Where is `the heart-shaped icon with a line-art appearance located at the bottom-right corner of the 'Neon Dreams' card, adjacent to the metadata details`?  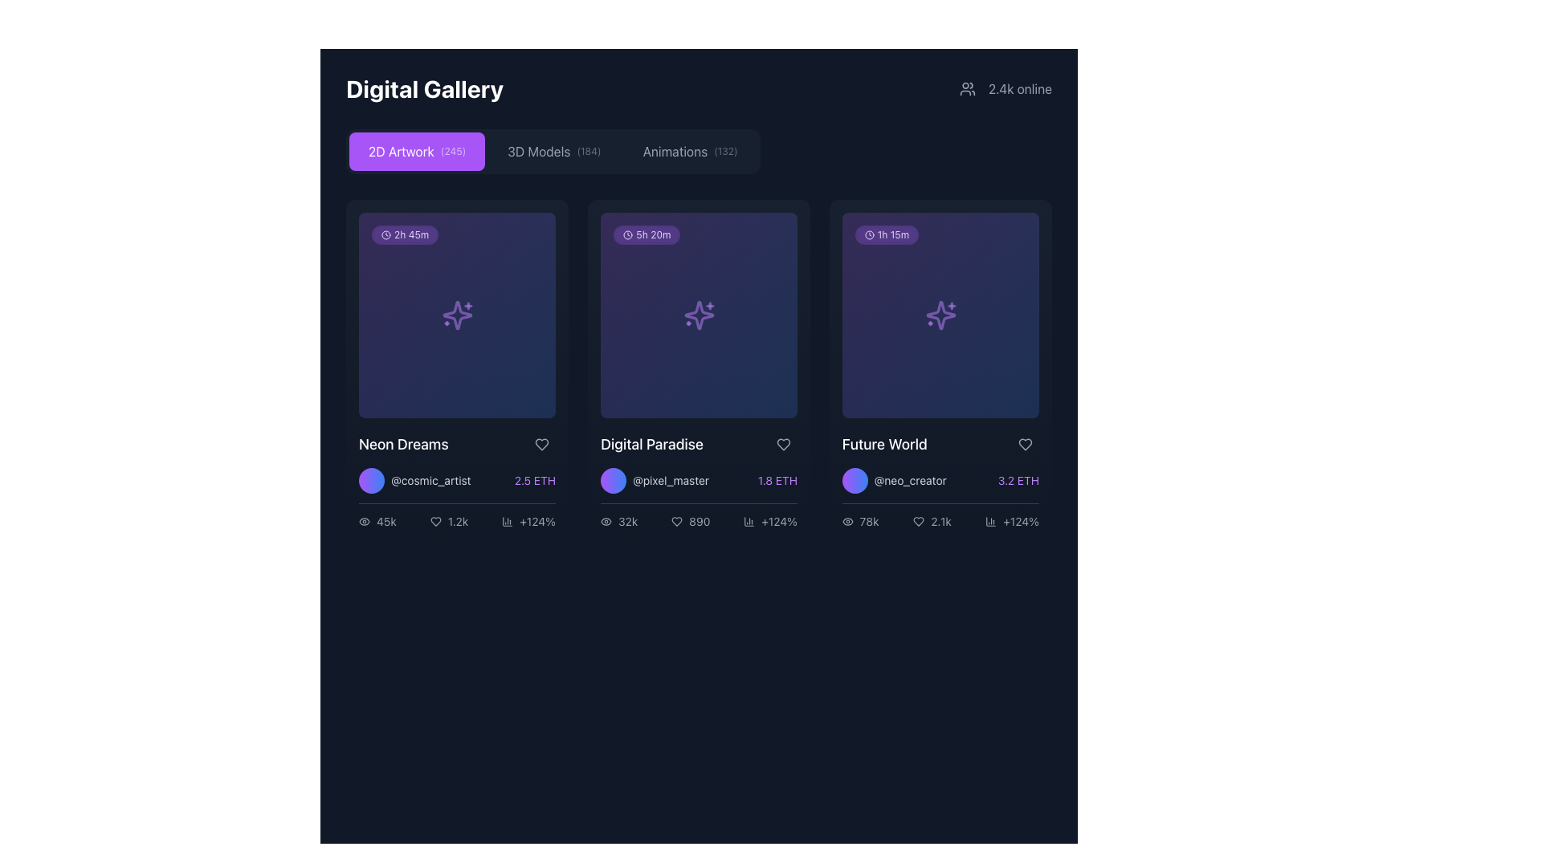 the heart-shaped icon with a line-art appearance located at the bottom-right corner of the 'Neon Dreams' card, adjacent to the metadata details is located at coordinates (542, 445).